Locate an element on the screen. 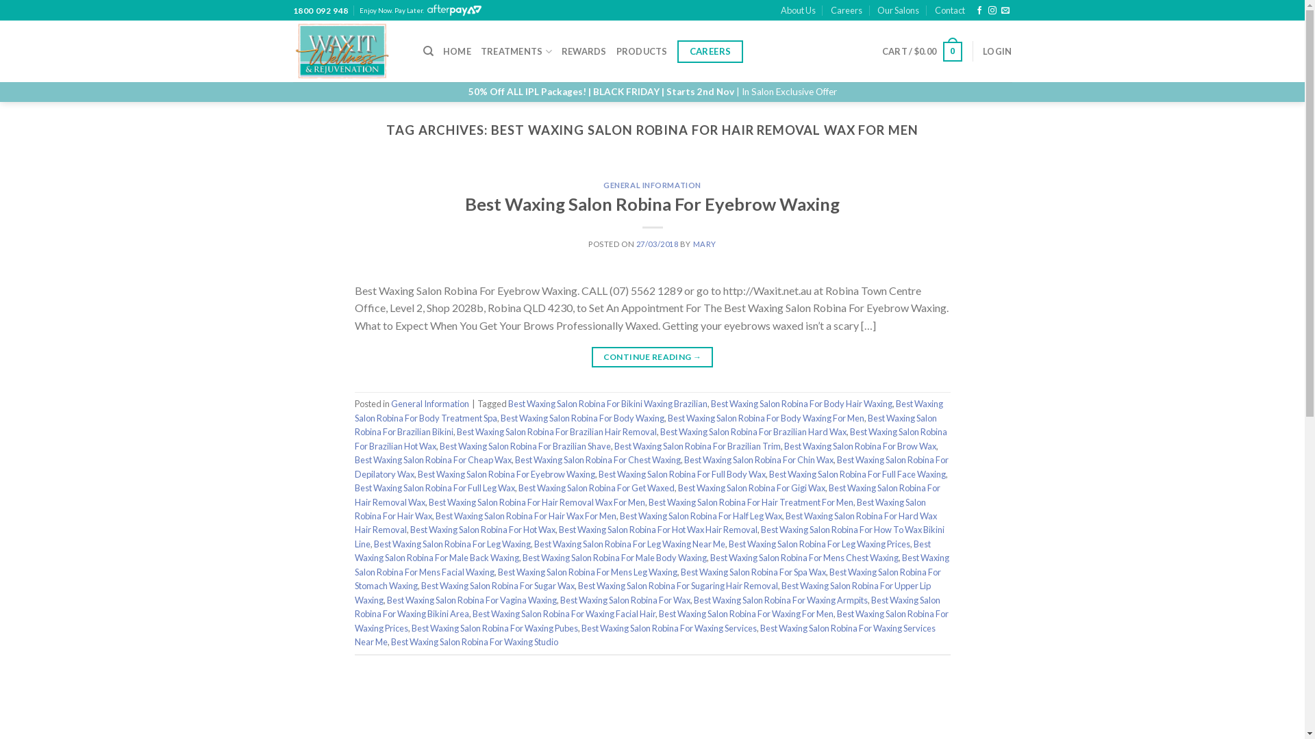 The width and height of the screenshot is (1315, 739). 'Best Waxing Salon Robina For Full Face Waxing' is located at coordinates (856, 474).